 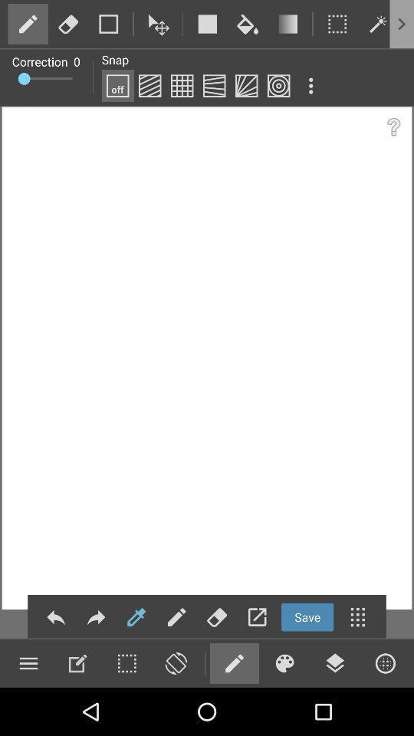 What do you see at coordinates (310, 86) in the screenshot?
I see `the more icon` at bounding box center [310, 86].